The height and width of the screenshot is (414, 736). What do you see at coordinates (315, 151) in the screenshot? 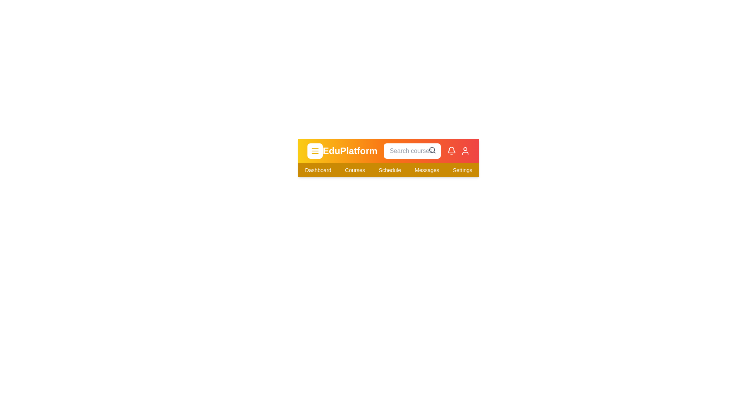
I see `the menu button to toggle the menu visibility` at bounding box center [315, 151].